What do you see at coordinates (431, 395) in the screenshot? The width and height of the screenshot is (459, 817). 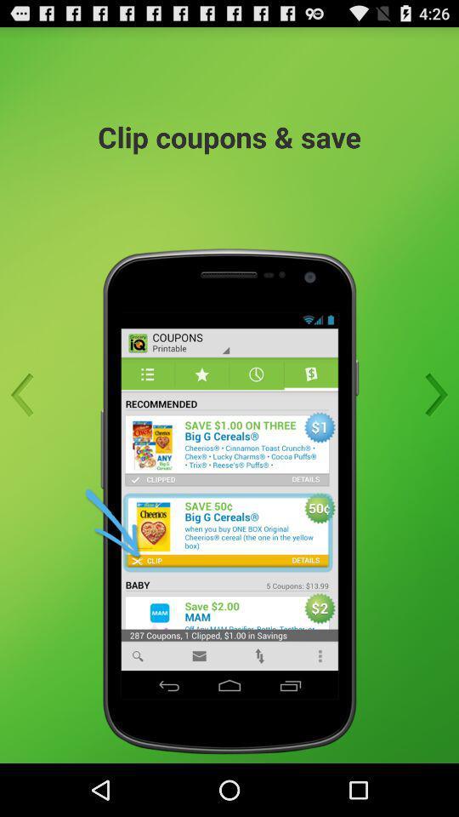 I see `next` at bounding box center [431, 395].